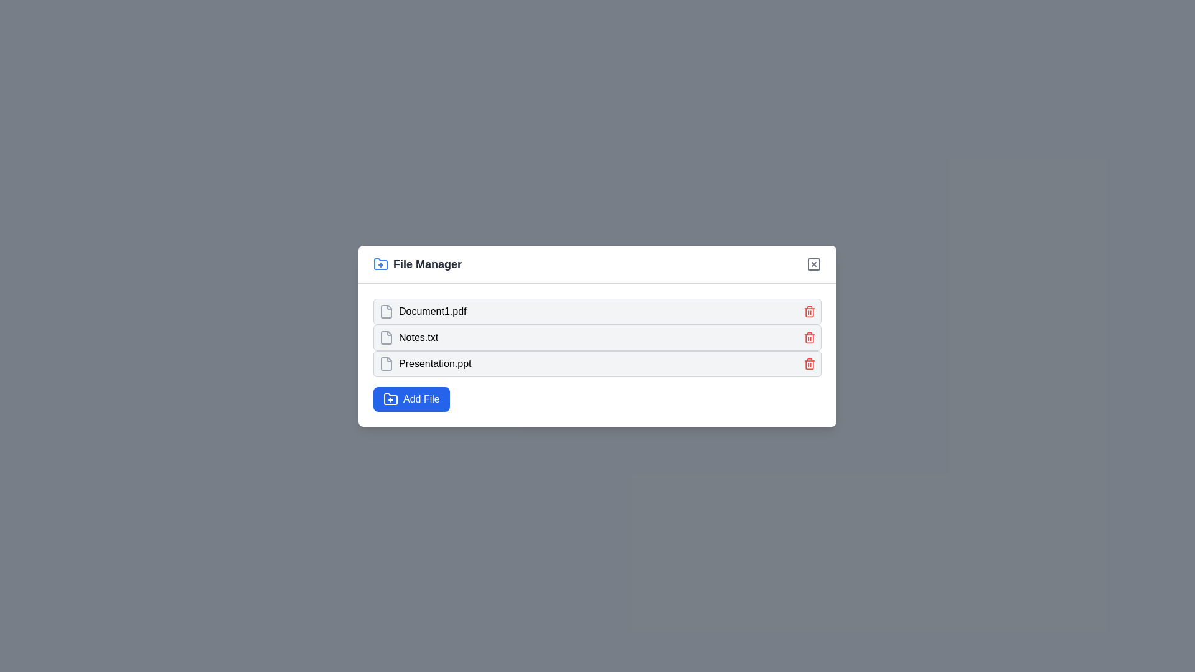 This screenshot has width=1195, height=672. I want to click on the blue 'Add File' button located at the bottom-left corner of the file manager interface, so click(421, 399).